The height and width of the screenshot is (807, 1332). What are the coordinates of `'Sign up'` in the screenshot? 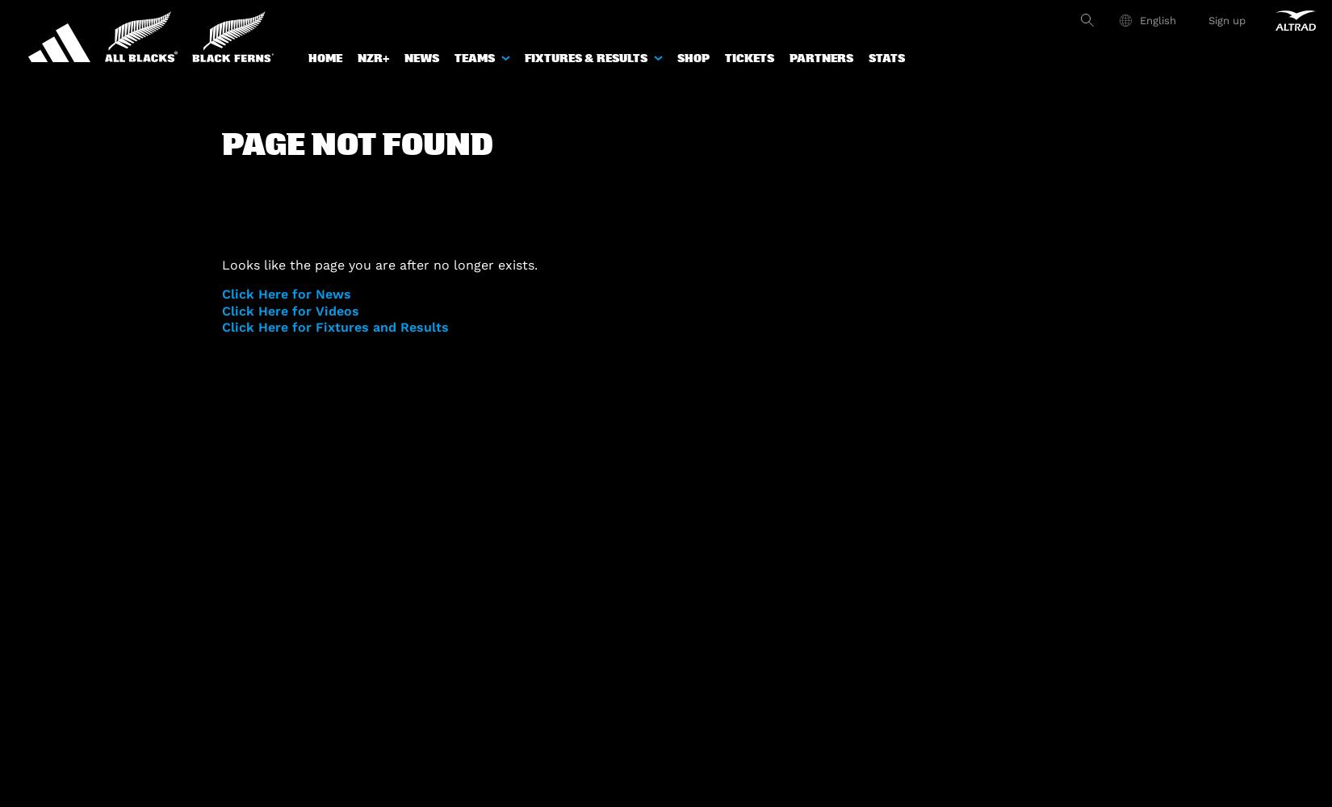 It's located at (1225, 19).